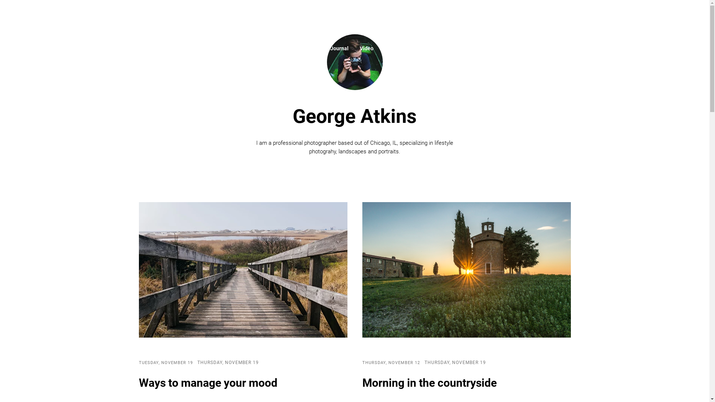 The image size is (715, 402). I want to click on 'SUPPORT', so click(644, 18).